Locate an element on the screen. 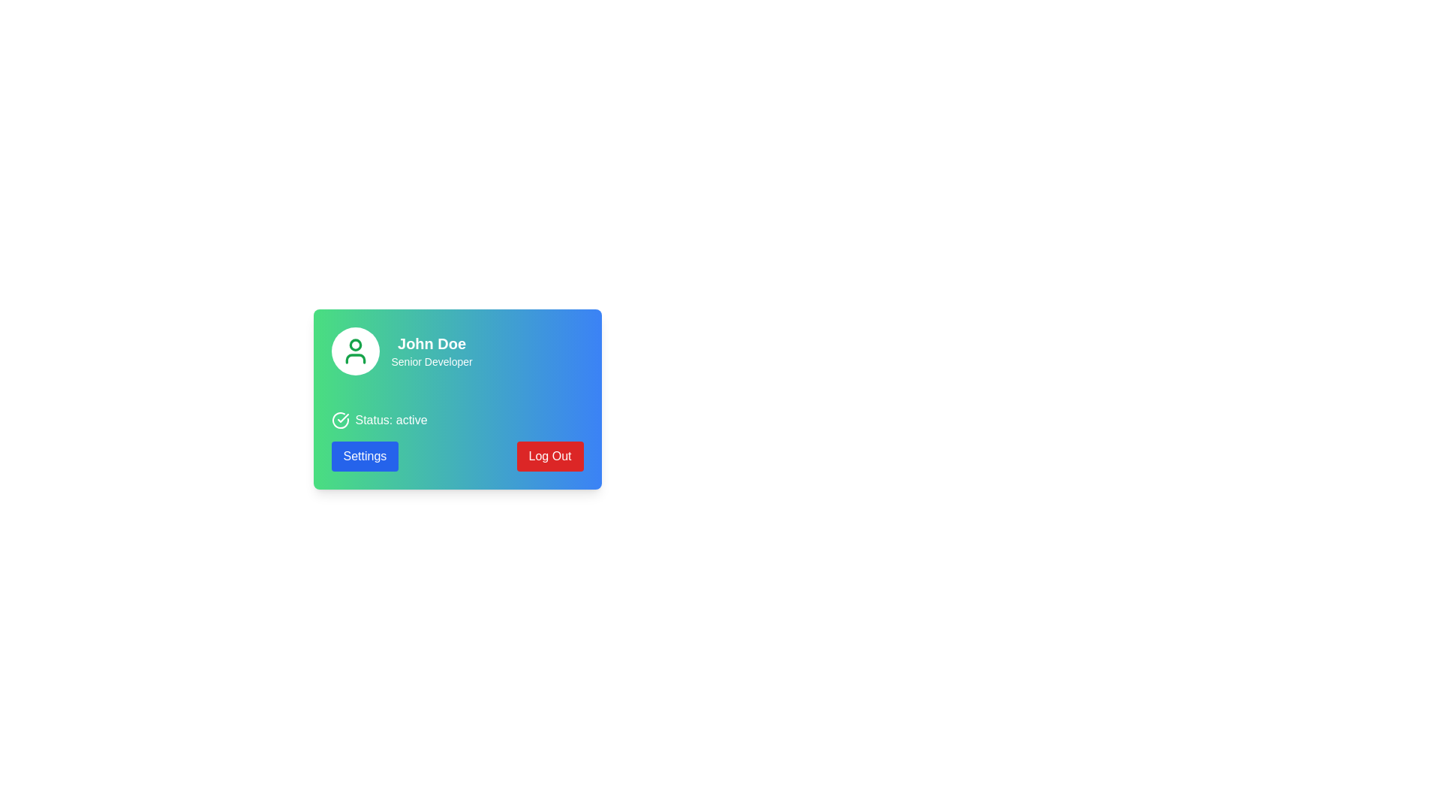 The height and width of the screenshot is (811, 1441). the Status display element that indicates the user's current status as 'active', located beneath the user's profile details and above the 'Settings' and 'Log Out' buttons is located at coordinates (456, 420).